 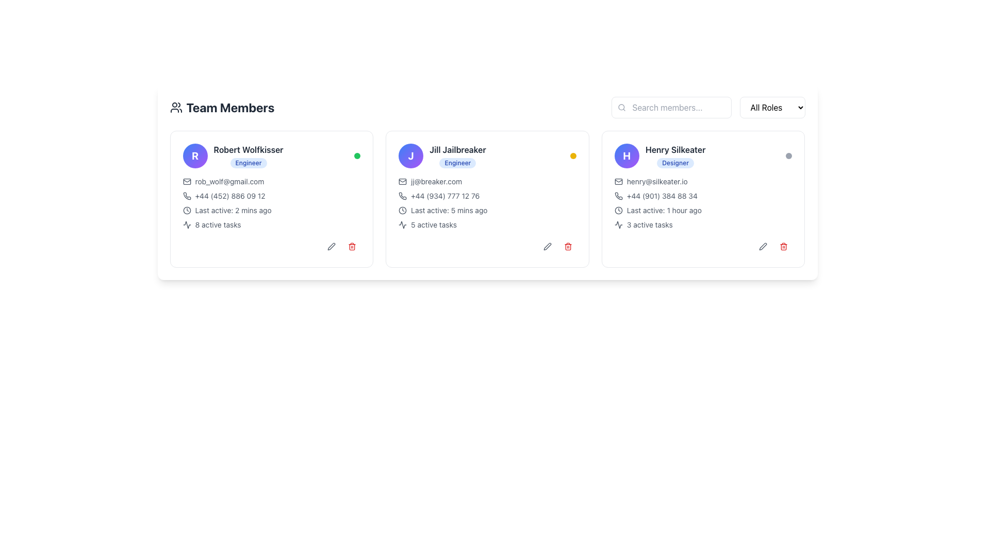 I want to click on the small rounded button with a pen icon in the 'Team Members' section, specifically in Henry Silkeater's card, to trigger the background color change, so click(x=763, y=246).